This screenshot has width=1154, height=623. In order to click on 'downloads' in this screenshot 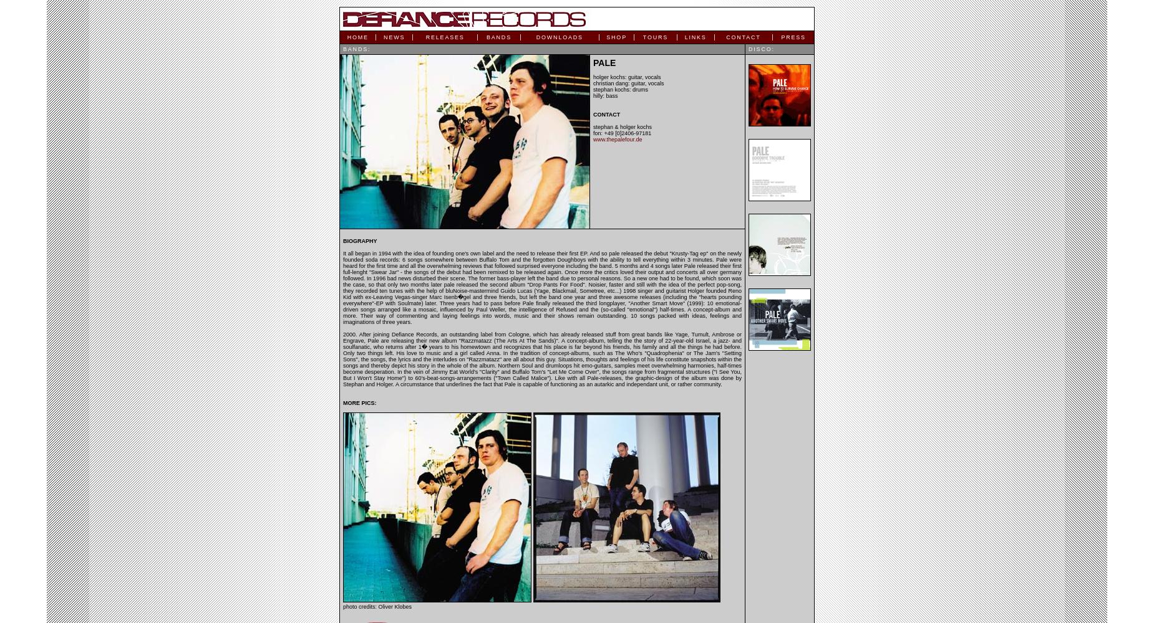, I will do `click(559, 37)`.